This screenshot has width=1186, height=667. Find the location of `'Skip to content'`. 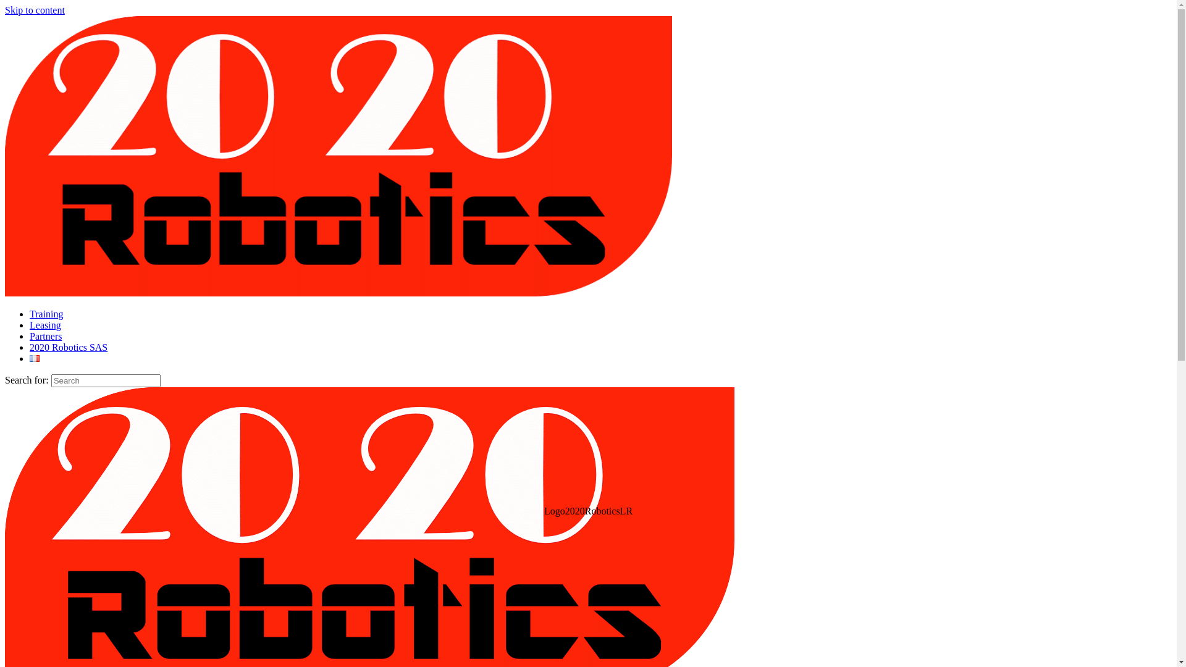

'Skip to content' is located at coordinates (35, 10).